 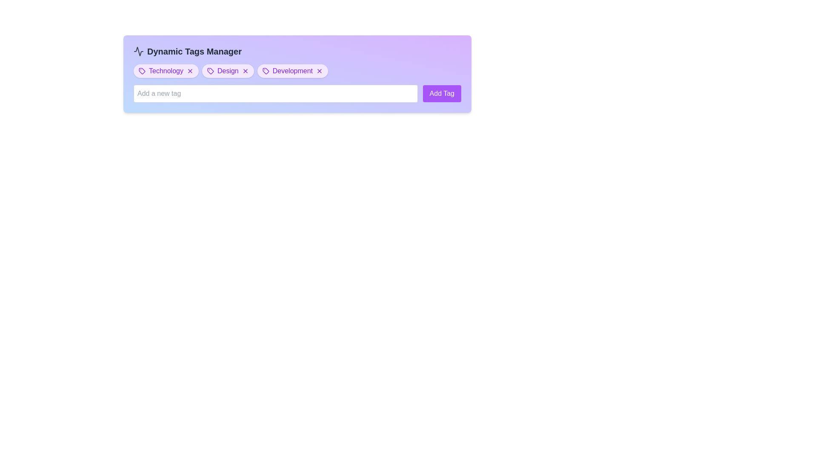 I want to click on the zigzag line icon resembling an electrocardiogram trace, which is located to the left of the 'Dynamic Tags Manager' header text, so click(x=139, y=51).